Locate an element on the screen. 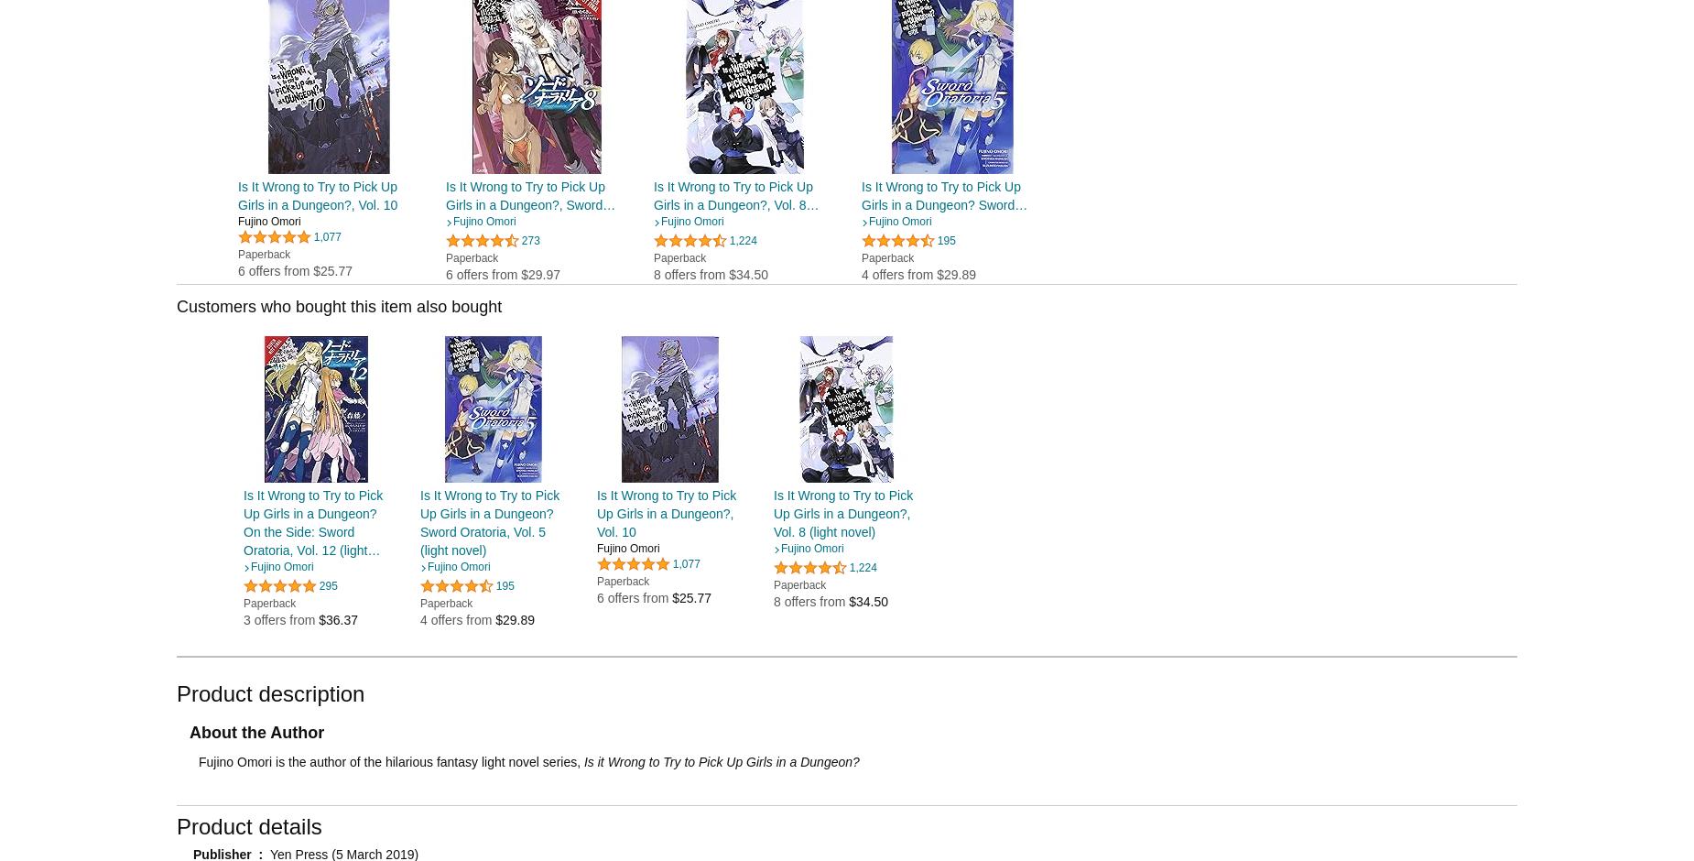  'Product description' is located at coordinates (269, 692).